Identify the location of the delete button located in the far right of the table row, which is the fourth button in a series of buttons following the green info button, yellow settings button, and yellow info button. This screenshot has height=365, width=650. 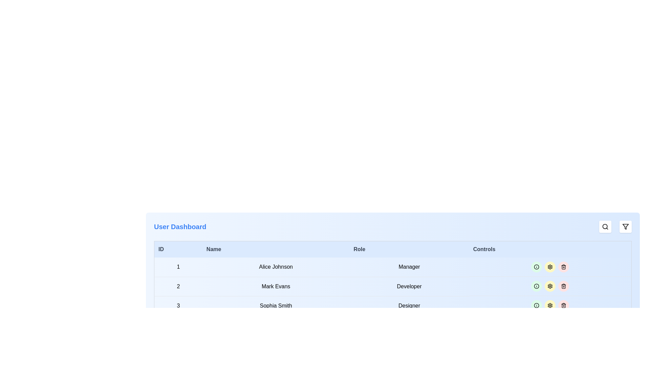
(564, 267).